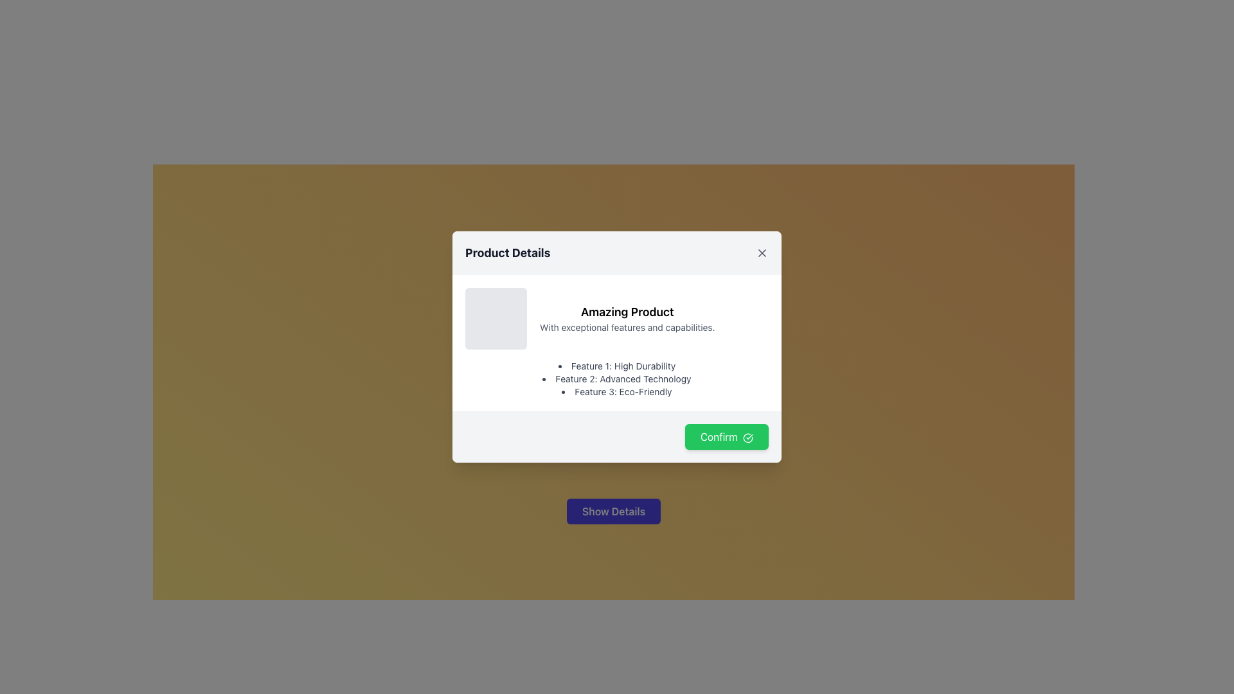  I want to click on text displayed in the Informational content block located in the center of the 'Product Details' dialog, which is the first significant section after the dialog title, so click(617, 318).